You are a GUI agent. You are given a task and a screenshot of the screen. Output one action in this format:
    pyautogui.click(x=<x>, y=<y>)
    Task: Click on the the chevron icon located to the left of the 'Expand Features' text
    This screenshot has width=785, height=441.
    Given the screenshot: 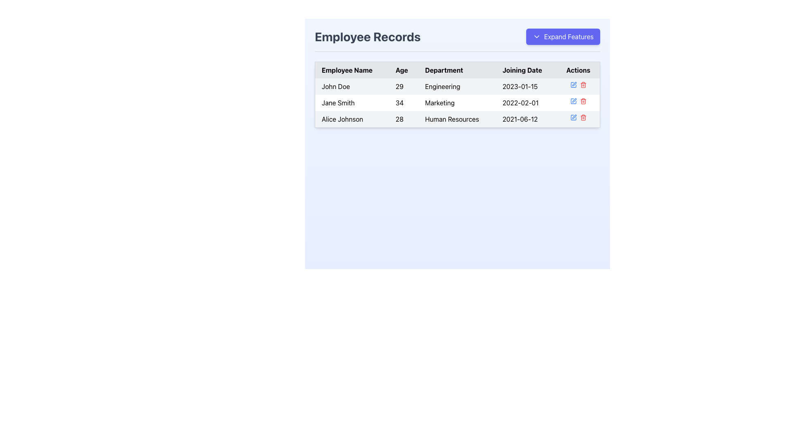 What is the action you would take?
    pyautogui.click(x=536, y=36)
    